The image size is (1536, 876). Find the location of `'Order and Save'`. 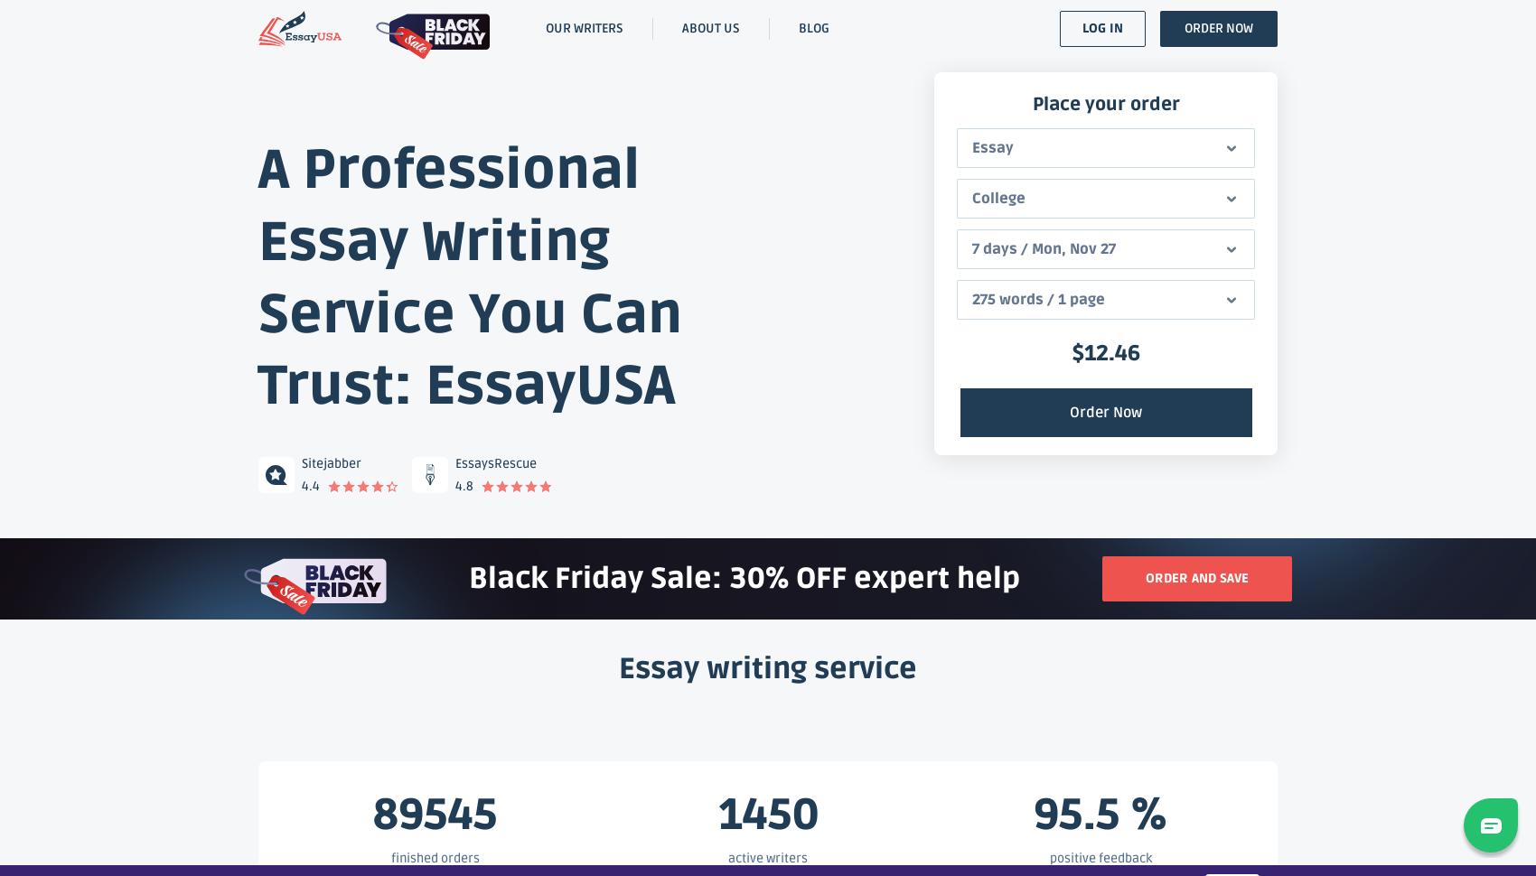

'Order and Save' is located at coordinates (1196, 577).